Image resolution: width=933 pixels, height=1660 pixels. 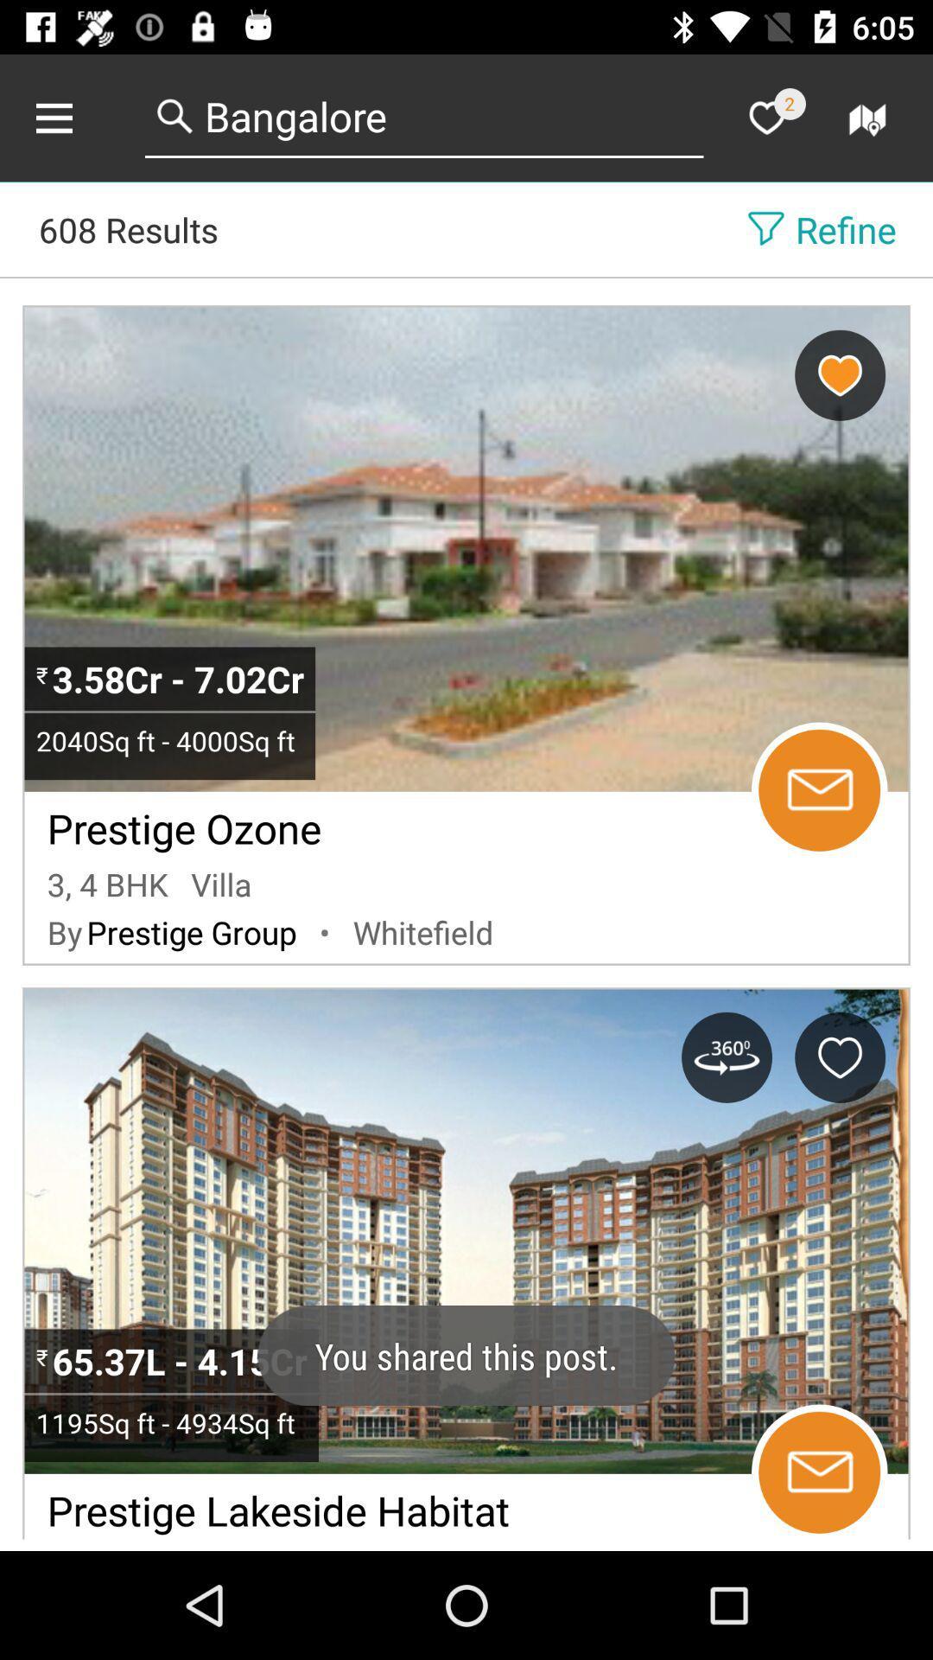 What do you see at coordinates (839, 374) in the screenshot?
I see `to remove favorite` at bounding box center [839, 374].